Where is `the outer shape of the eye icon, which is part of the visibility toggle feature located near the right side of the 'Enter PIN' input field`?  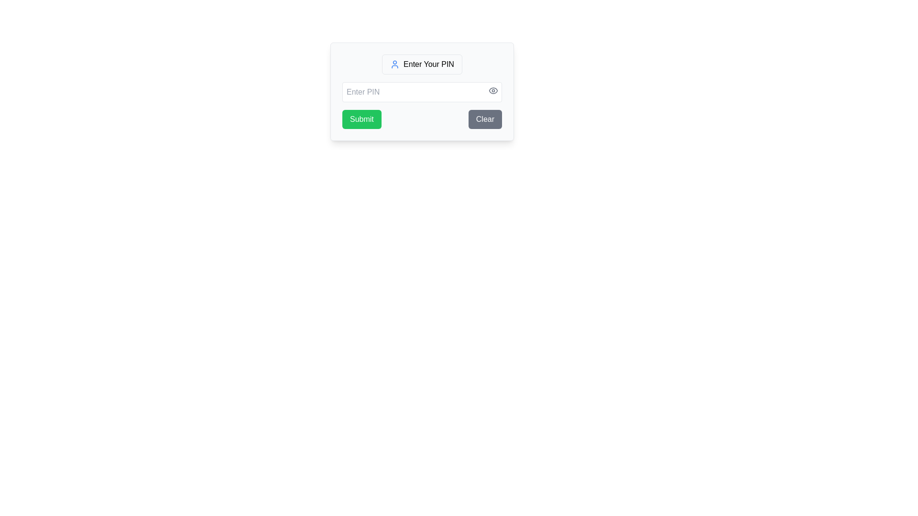 the outer shape of the eye icon, which is part of the visibility toggle feature located near the right side of the 'Enter PIN' input field is located at coordinates (493, 90).